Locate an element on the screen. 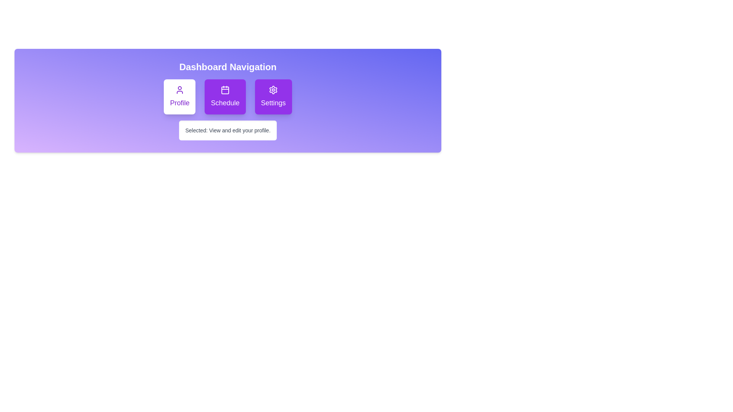 This screenshot has width=733, height=412. text label displaying 'Profile' in bold purple font located in the top left corner of the dashboard navigation bar is located at coordinates (179, 103).